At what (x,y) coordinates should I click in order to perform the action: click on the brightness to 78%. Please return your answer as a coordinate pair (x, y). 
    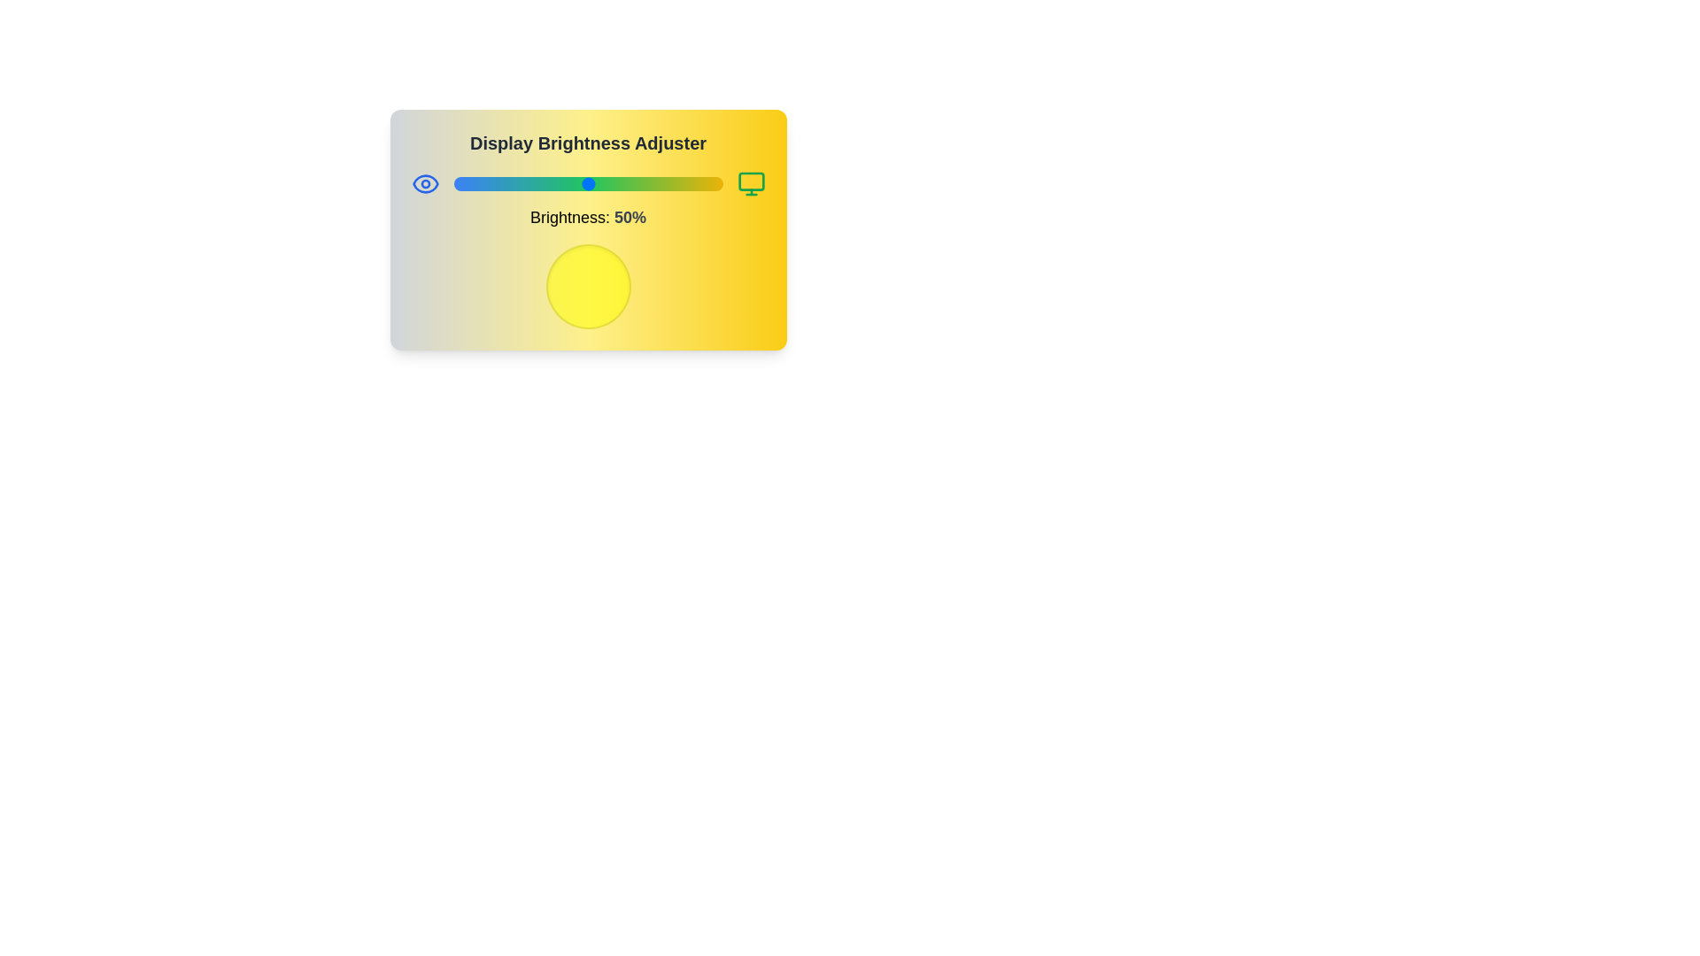
    Looking at the image, I should click on (662, 184).